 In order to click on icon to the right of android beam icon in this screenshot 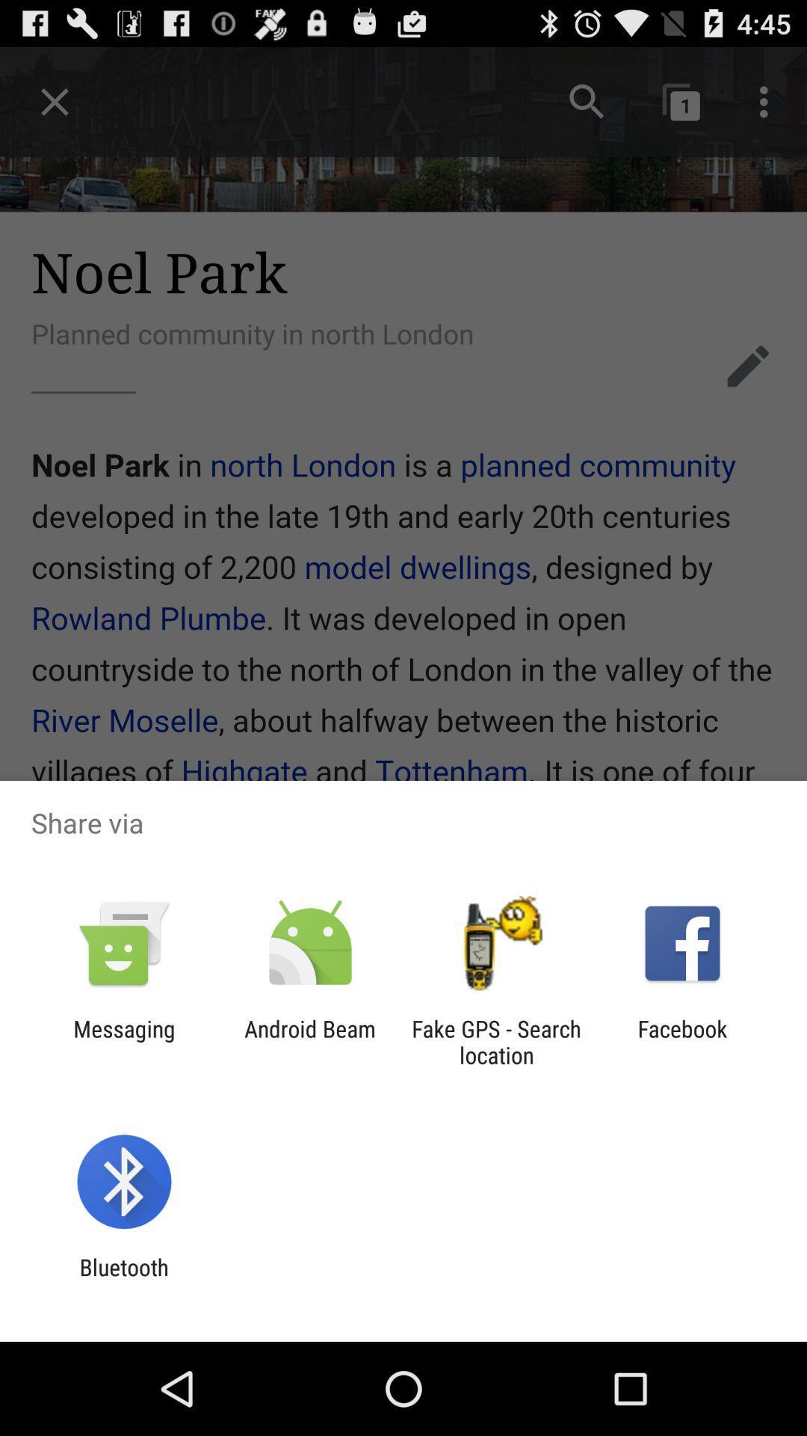, I will do `click(496, 1041)`.